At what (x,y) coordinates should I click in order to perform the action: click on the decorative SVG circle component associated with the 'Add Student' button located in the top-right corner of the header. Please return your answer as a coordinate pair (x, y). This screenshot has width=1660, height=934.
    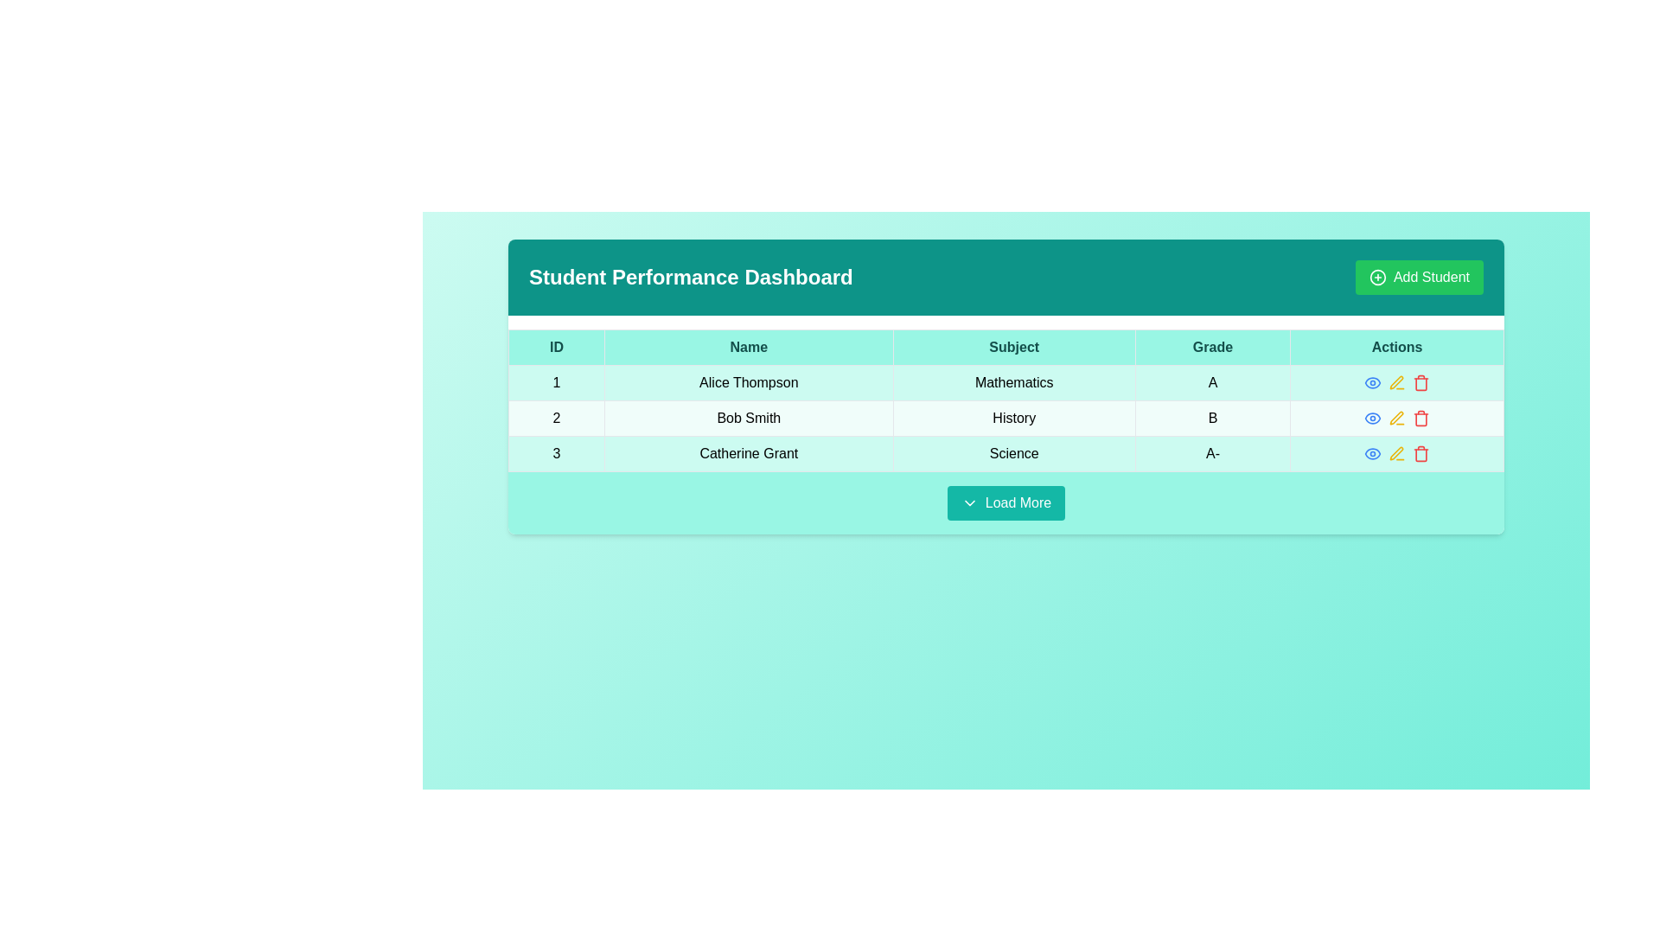
    Looking at the image, I should click on (1376, 276).